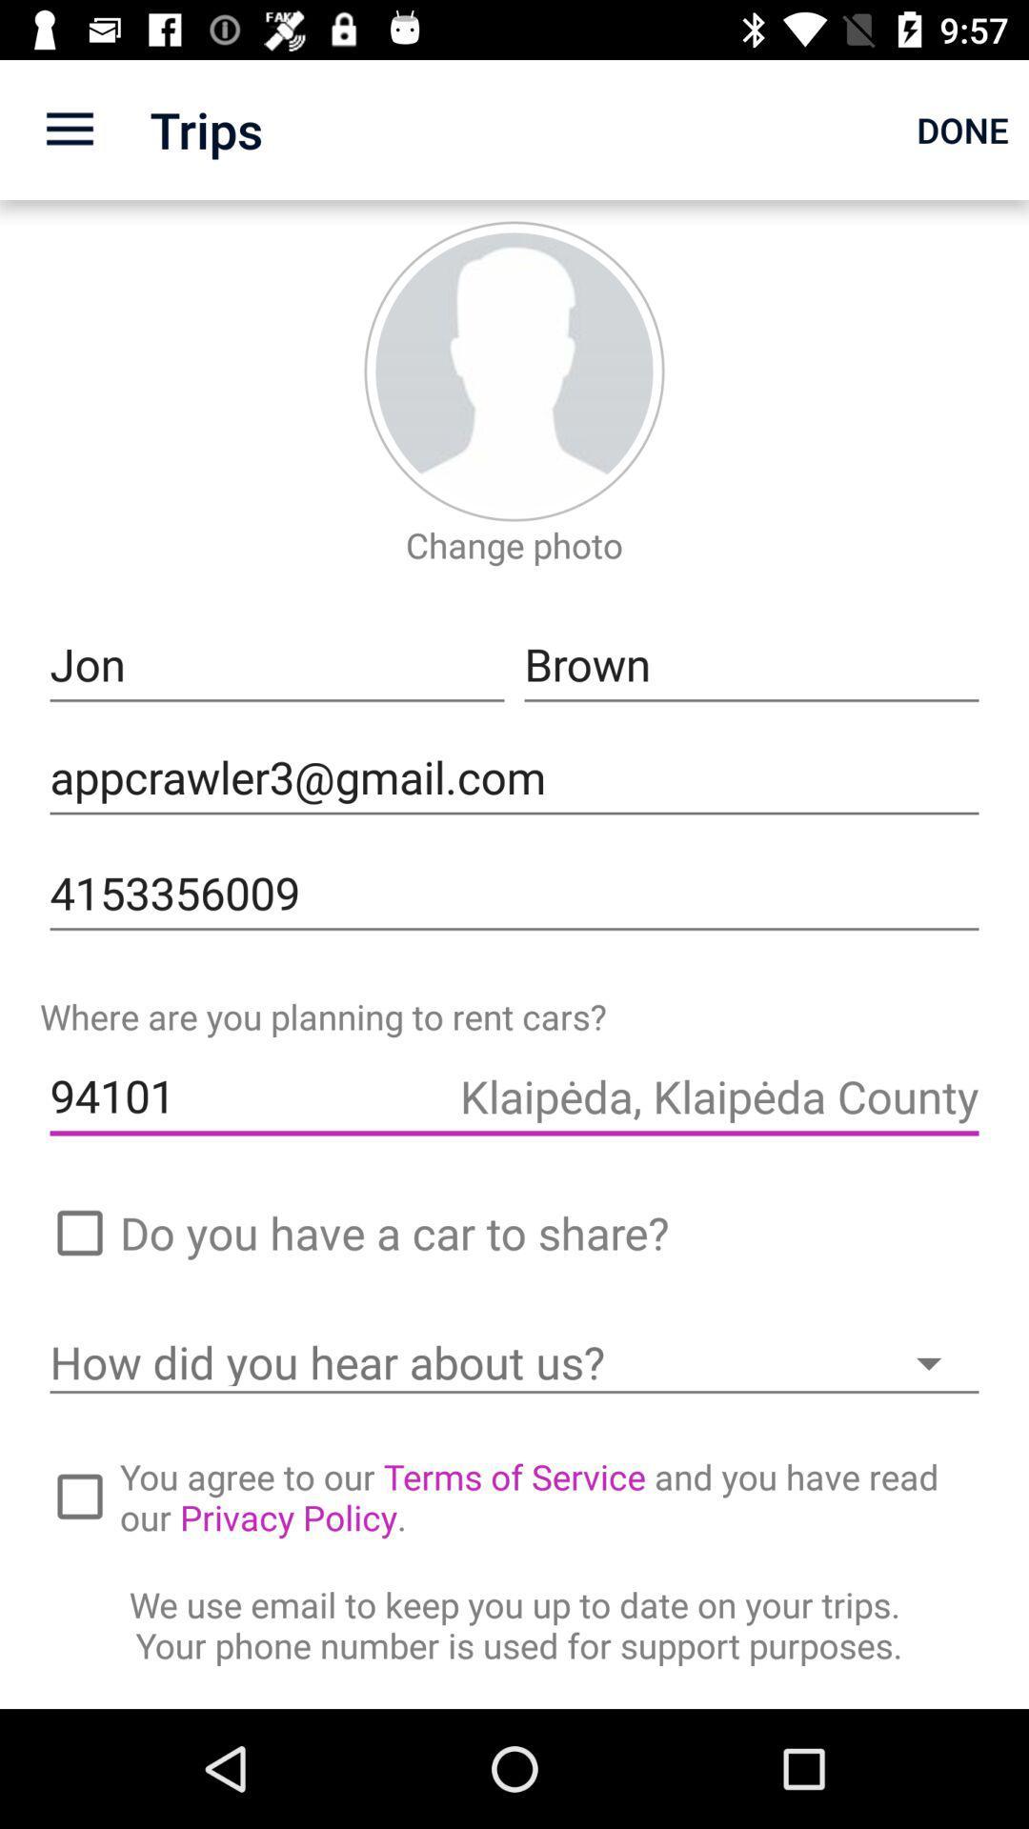 This screenshot has width=1029, height=1829. I want to click on icon next to trips item, so click(69, 129).